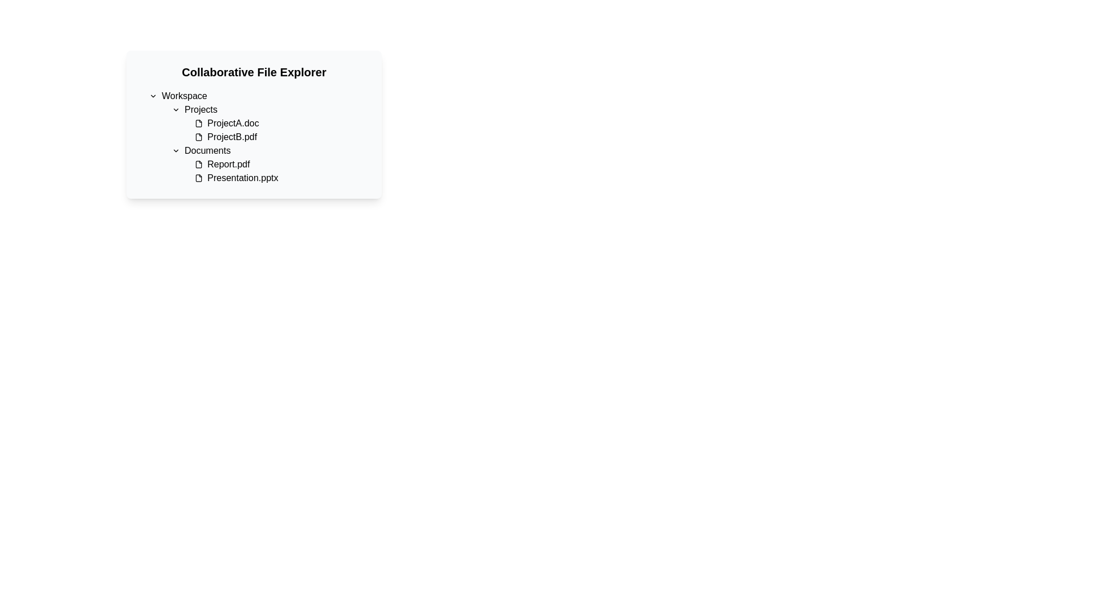 The height and width of the screenshot is (615, 1094). What do you see at coordinates (199, 165) in the screenshot?
I see `the PDF file icon located to the left of the 'Report.pdf' file name in the 'Documents' section` at bounding box center [199, 165].